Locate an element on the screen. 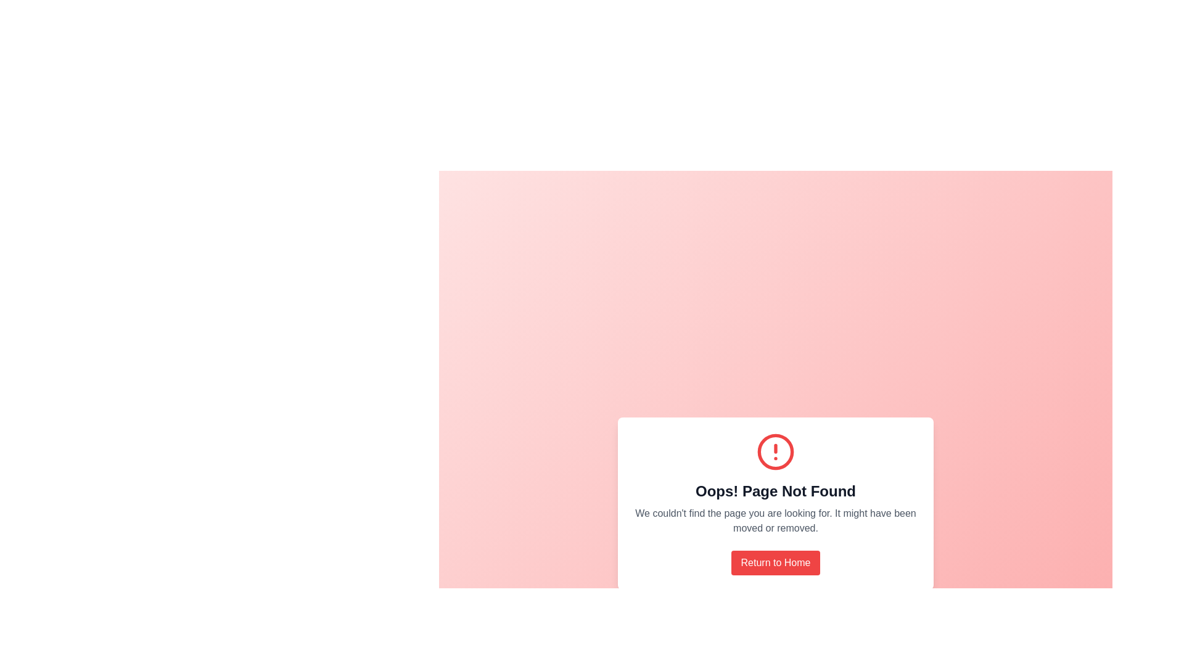 Image resolution: width=1184 pixels, height=666 pixels. the informational text that reads 'We couldn't find the page you are looking for.' which is styled in medium gray and positioned between the title 'Oops! Page Not Found' and the button 'Return to Home' is located at coordinates (775, 520).